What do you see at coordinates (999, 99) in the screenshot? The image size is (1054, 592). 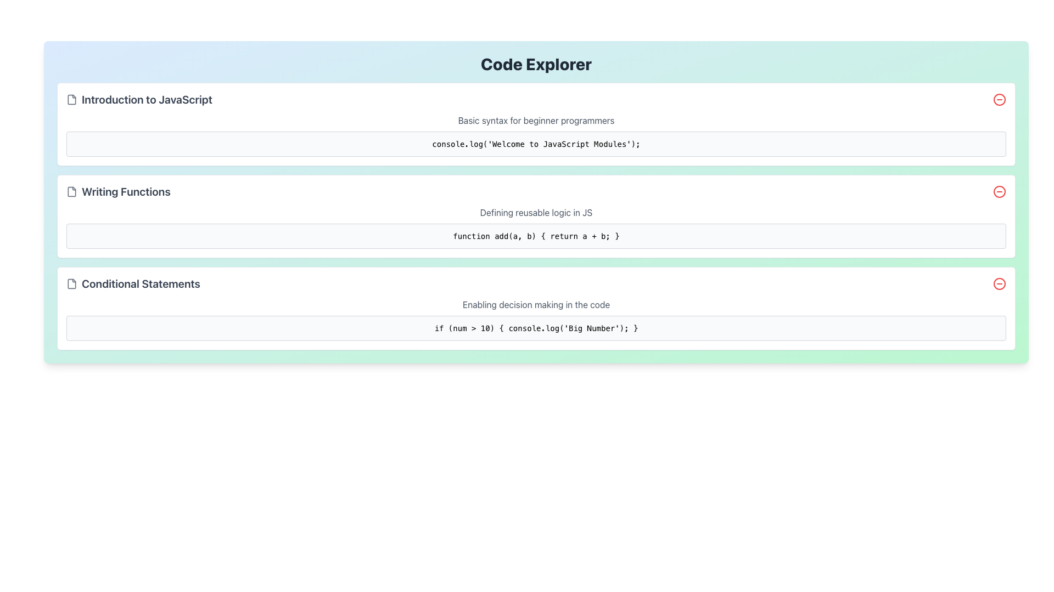 I see `the rightmost button in the 'Introduction to JavaScript' section` at bounding box center [999, 99].